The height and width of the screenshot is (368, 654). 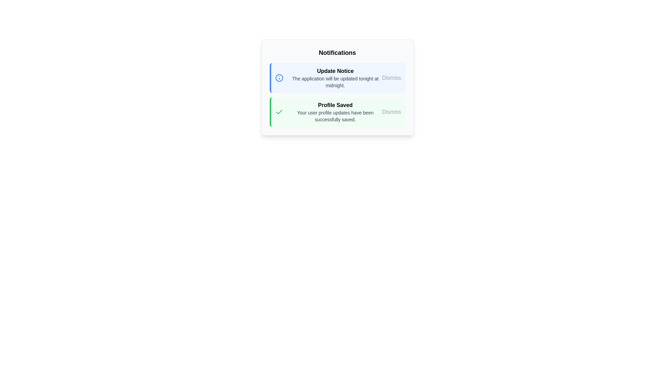 What do you see at coordinates (335, 111) in the screenshot?
I see `the static text message that informs the user their profile updates have been successfully saved, located in the second notification card of the 'Notifications' list` at bounding box center [335, 111].